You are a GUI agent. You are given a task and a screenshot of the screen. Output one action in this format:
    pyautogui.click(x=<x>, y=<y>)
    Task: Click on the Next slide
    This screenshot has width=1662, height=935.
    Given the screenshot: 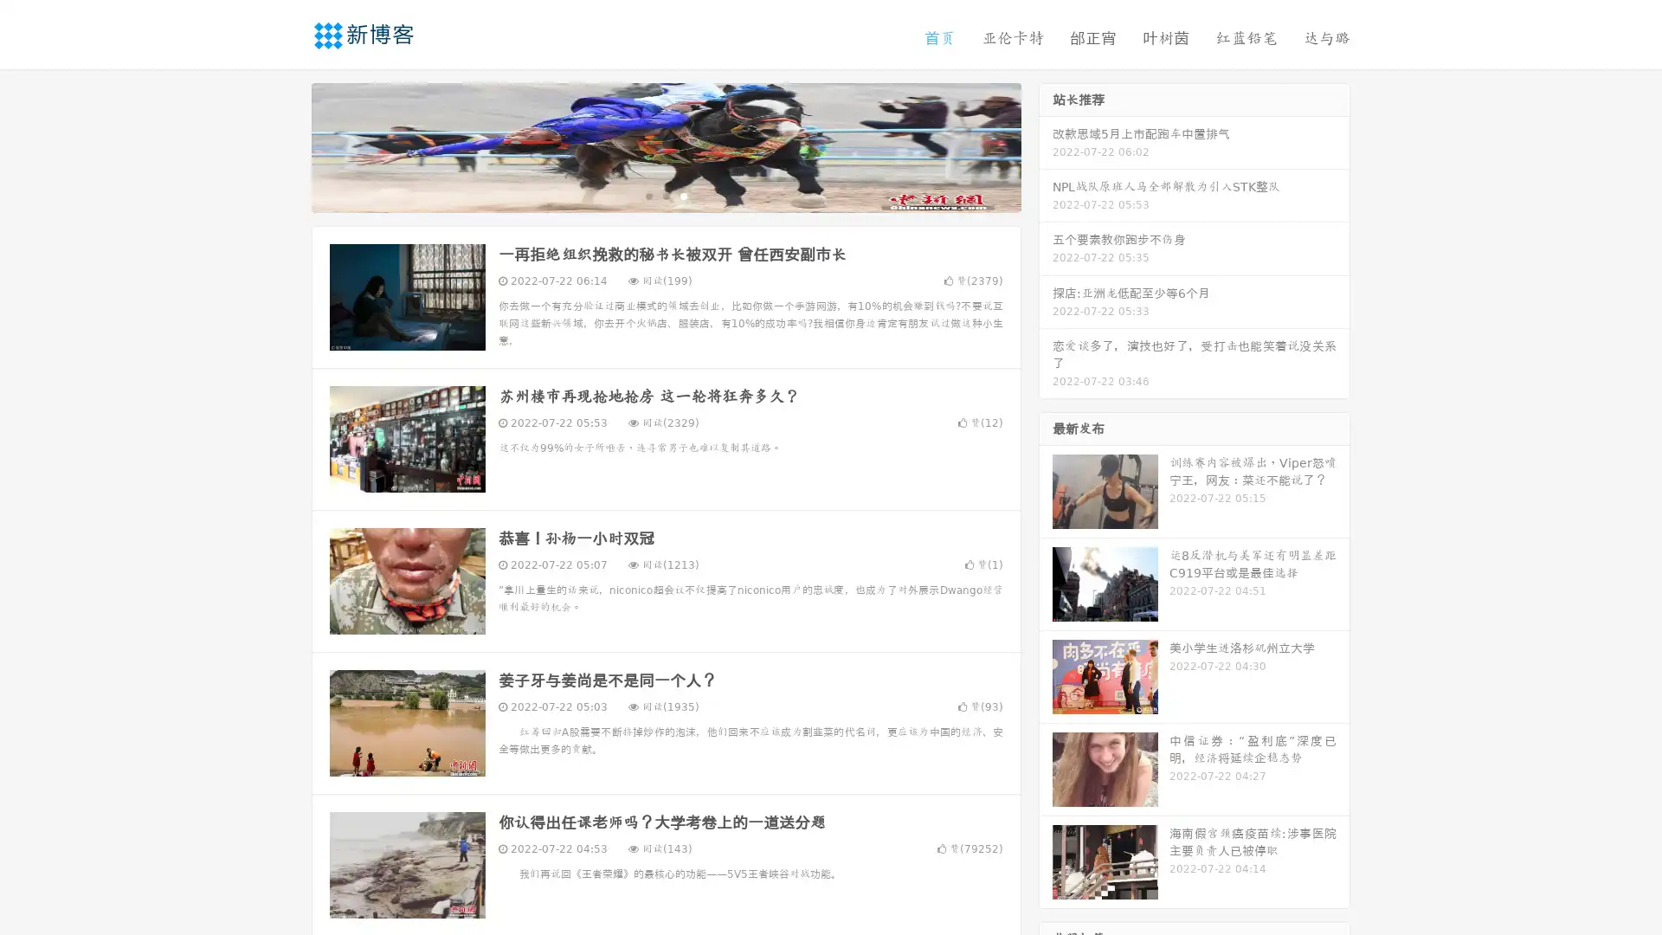 What is the action you would take?
    pyautogui.click(x=1046, y=145)
    